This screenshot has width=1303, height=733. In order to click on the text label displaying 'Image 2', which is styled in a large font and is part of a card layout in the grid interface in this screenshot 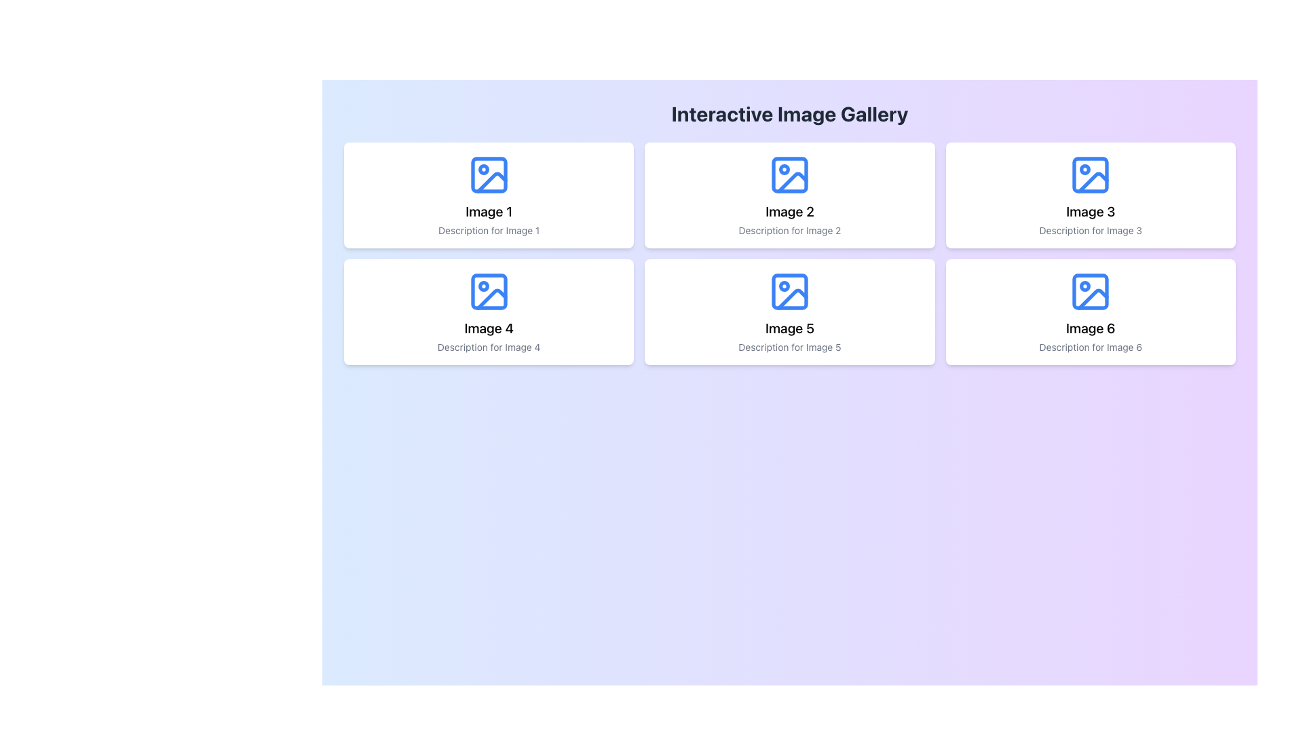, I will do `click(789, 212)`.